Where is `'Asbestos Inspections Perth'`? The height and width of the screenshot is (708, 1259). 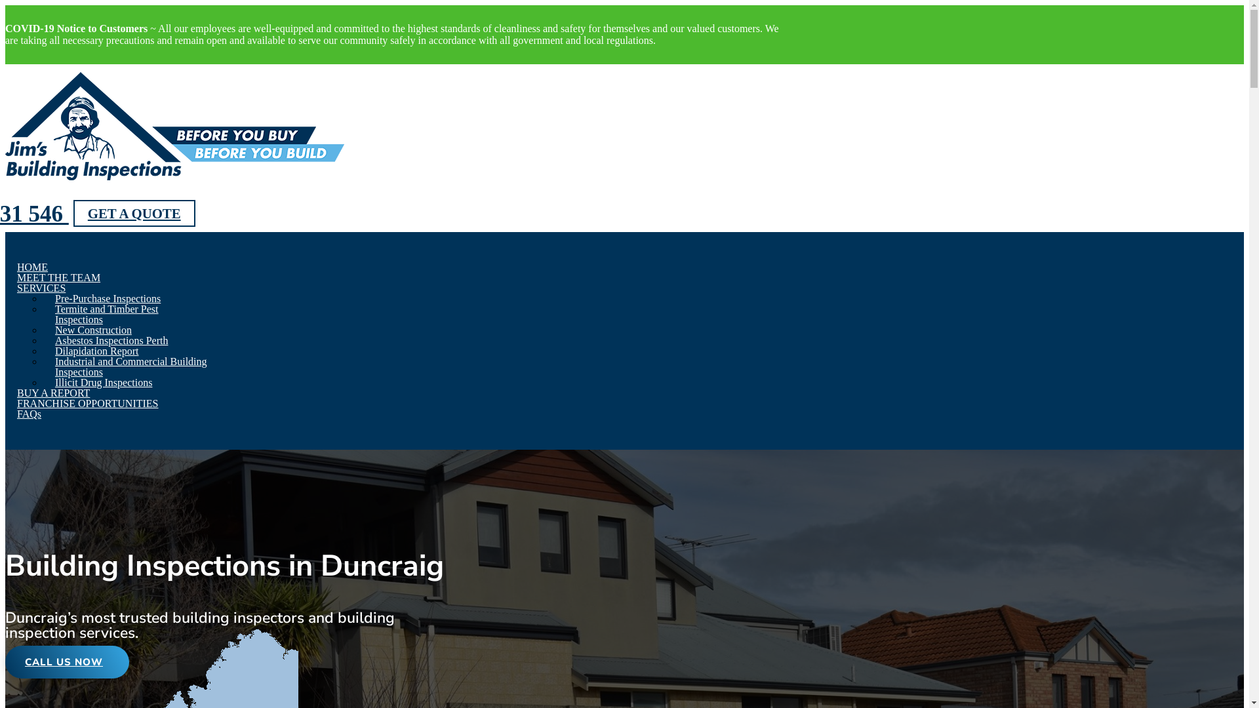 'Asbestos Inspections Perth' is located at coordinates (111, 340).